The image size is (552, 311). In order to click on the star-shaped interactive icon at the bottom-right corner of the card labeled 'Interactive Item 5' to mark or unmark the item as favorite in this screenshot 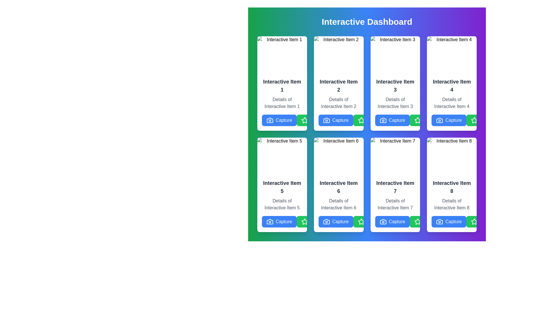, I will do `click(304, 221)`.